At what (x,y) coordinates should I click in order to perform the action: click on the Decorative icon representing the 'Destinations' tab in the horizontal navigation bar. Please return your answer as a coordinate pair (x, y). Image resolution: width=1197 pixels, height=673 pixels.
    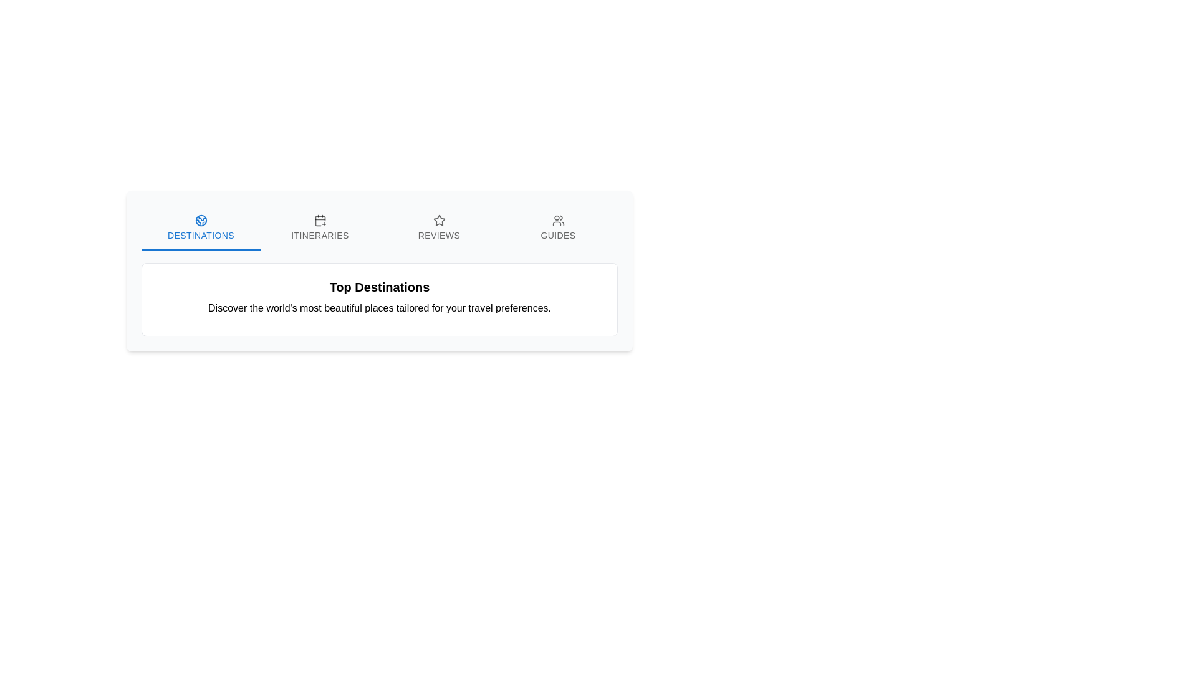
    Looking at the image, I should click on (201, 220).